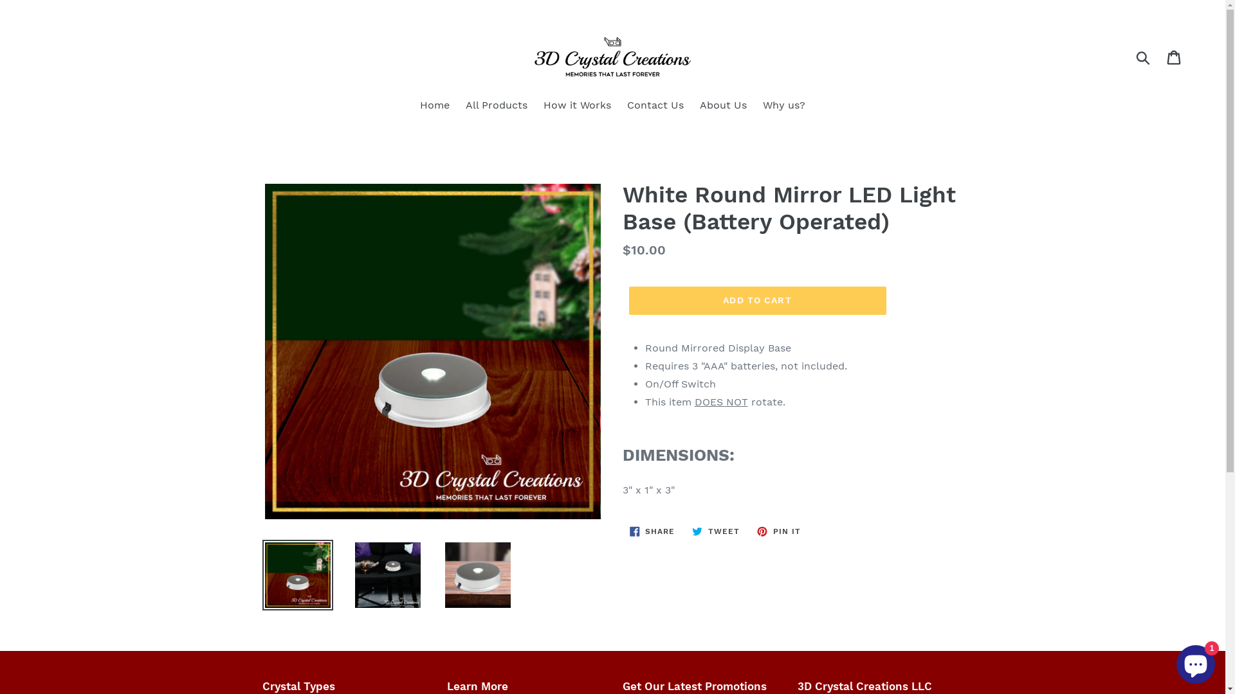 Image resolution: width=1235 pixels, height=694 pixels. Describe the element at coordinates (652, 531) in the screenshot. I see `'SHARE` at that location.